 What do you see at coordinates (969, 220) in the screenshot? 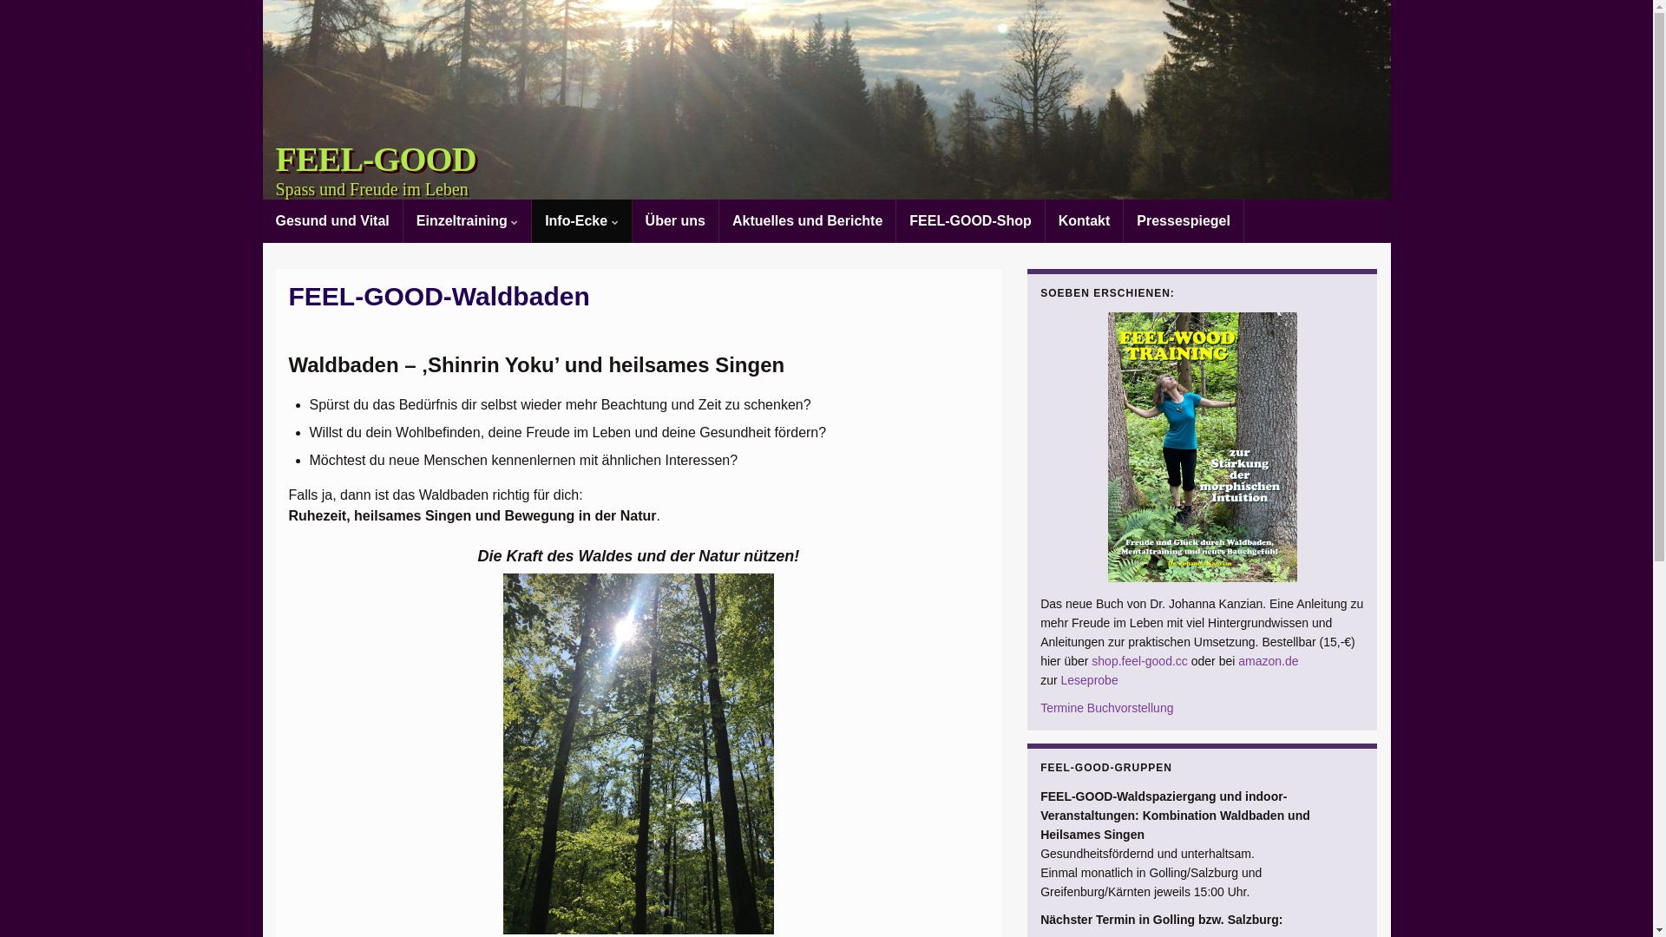
I see `'FEEL-GOOD-Shop'` at bounding box center [969, 220].